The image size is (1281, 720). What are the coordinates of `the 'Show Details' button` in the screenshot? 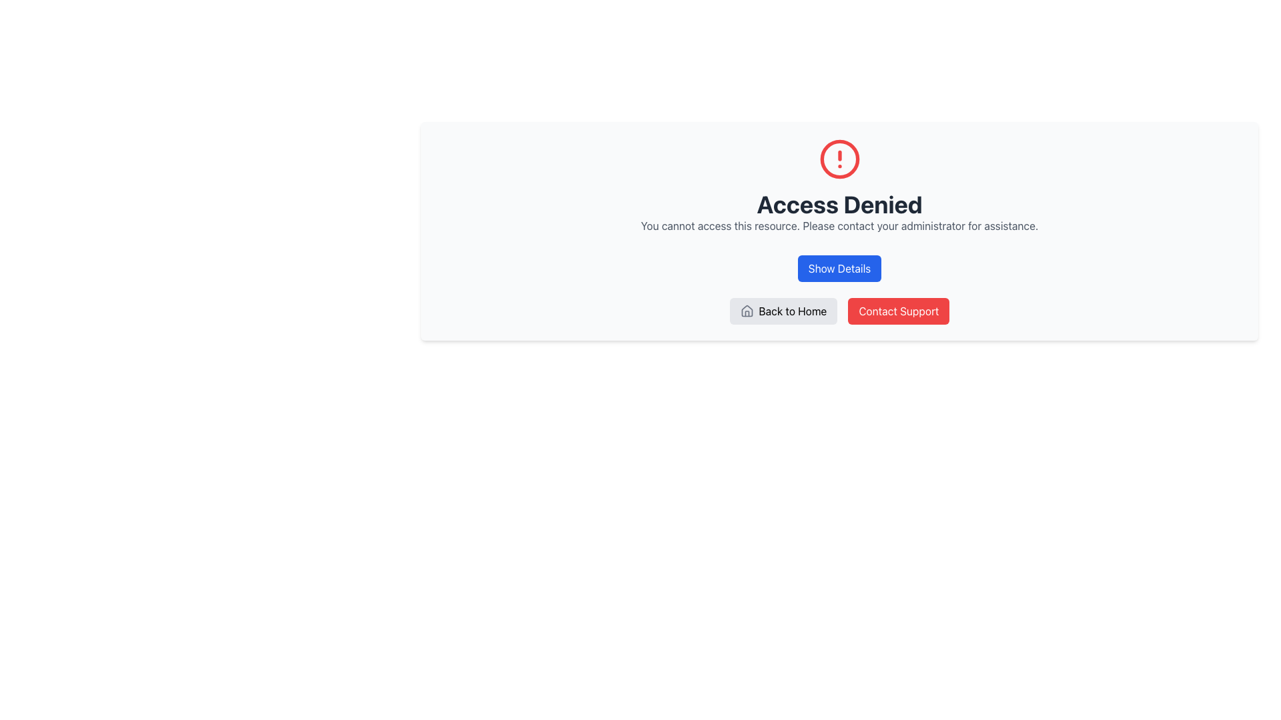 It's located at (839, 268).